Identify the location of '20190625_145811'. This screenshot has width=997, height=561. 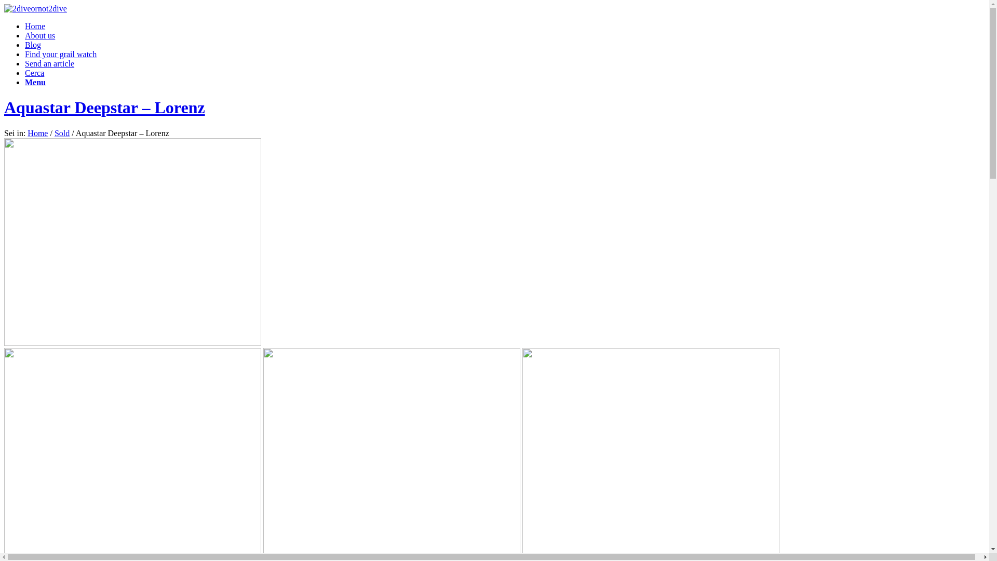
(132, 242).